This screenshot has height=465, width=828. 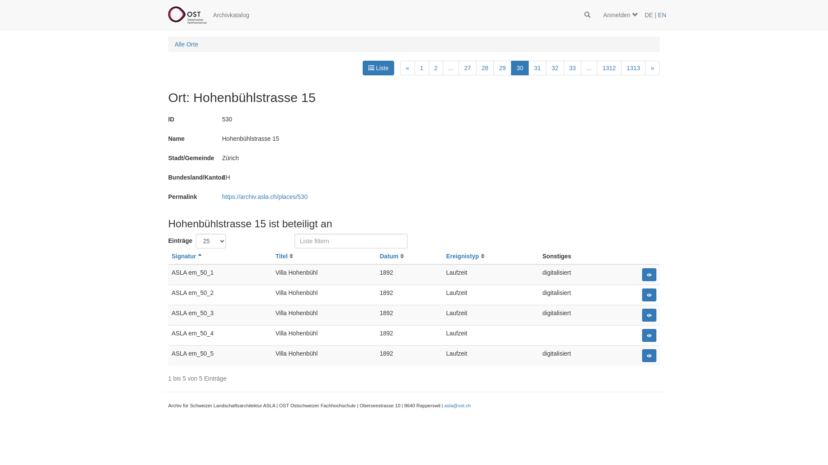 What do you see at coordinates (464, 255) in the screenshot?
I see `'Ereignistyp'` at bounding box center [464, 255].